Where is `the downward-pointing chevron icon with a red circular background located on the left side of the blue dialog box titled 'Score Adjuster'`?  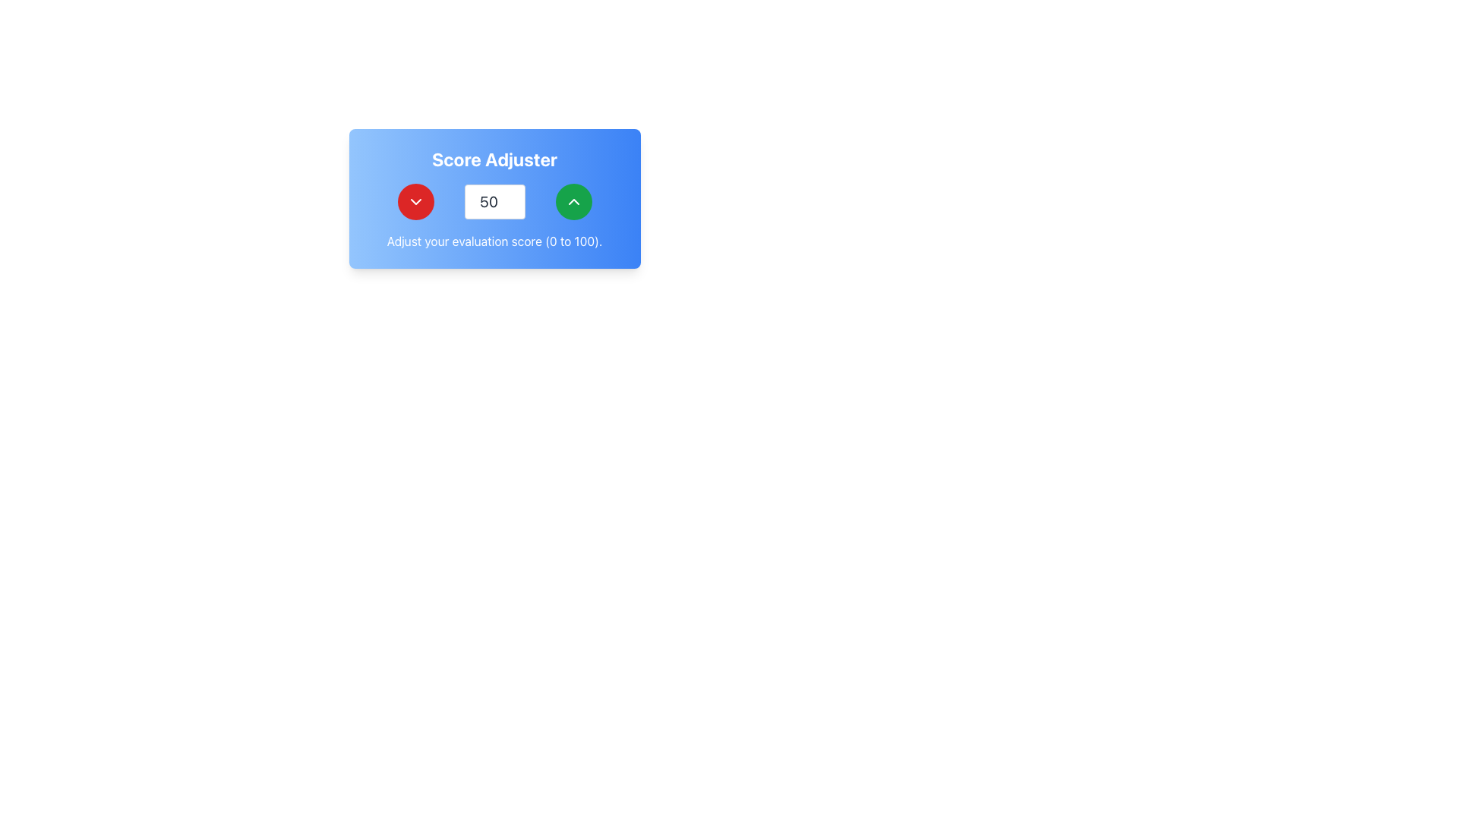
the downward-pointing chevron icon with a red circular background located on the left side of the blue dialog box titled 'Score Adjuster' is located at coordinates (415, 201).